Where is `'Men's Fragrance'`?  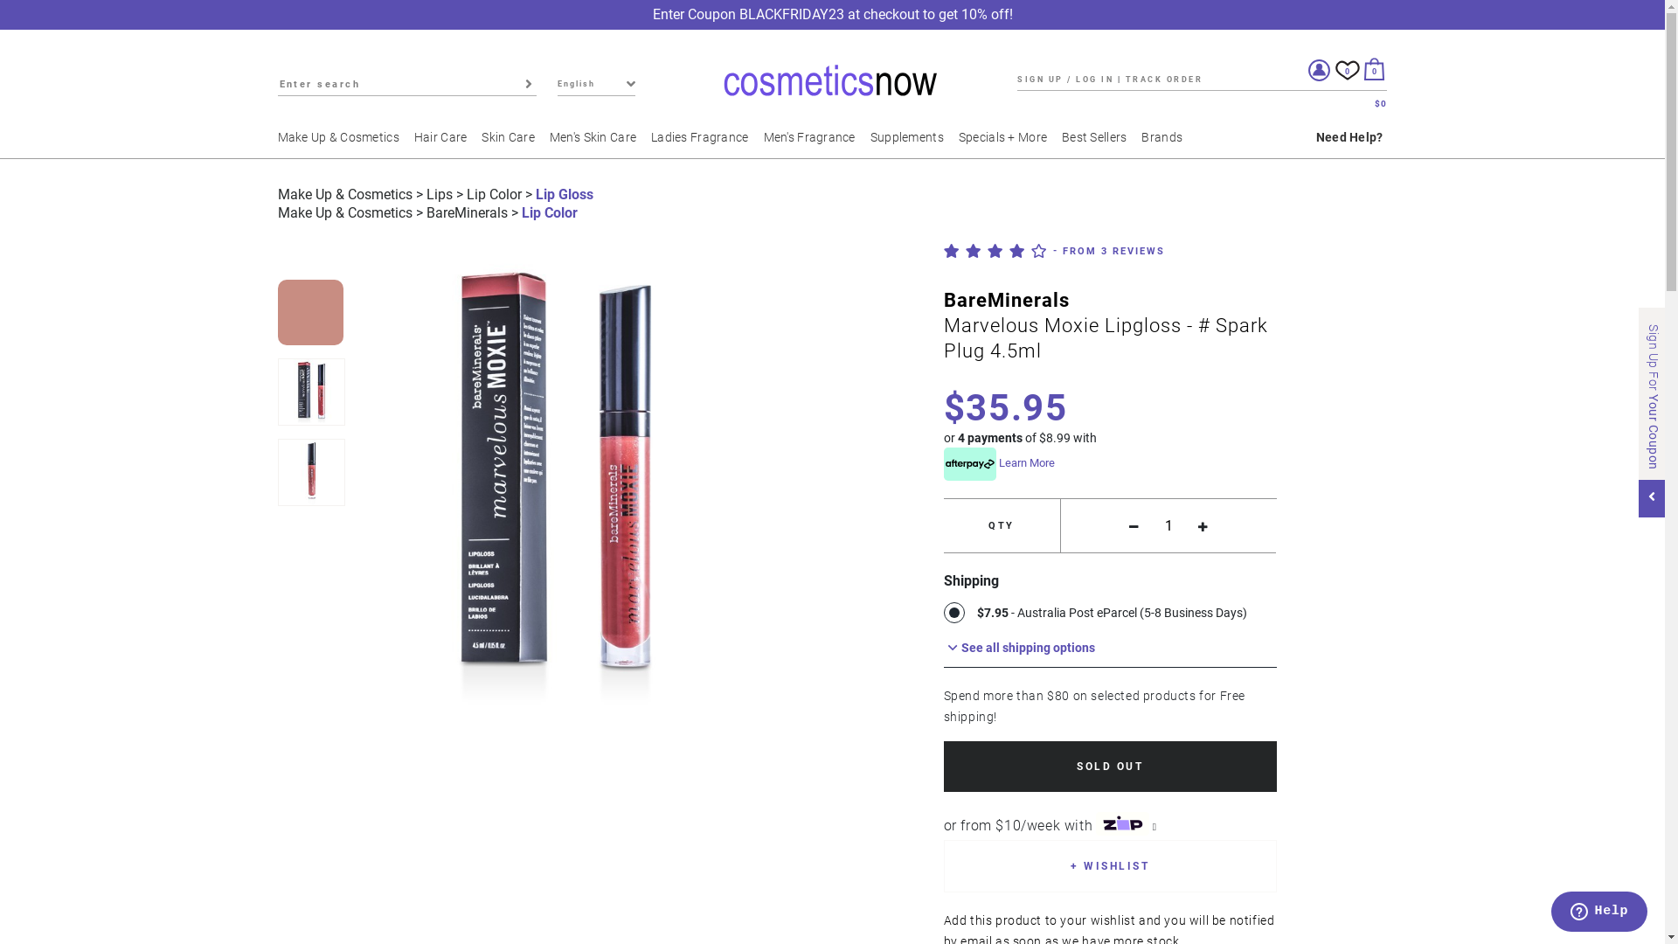 'Men's Fragrance' is located at coordinates (814, 143).